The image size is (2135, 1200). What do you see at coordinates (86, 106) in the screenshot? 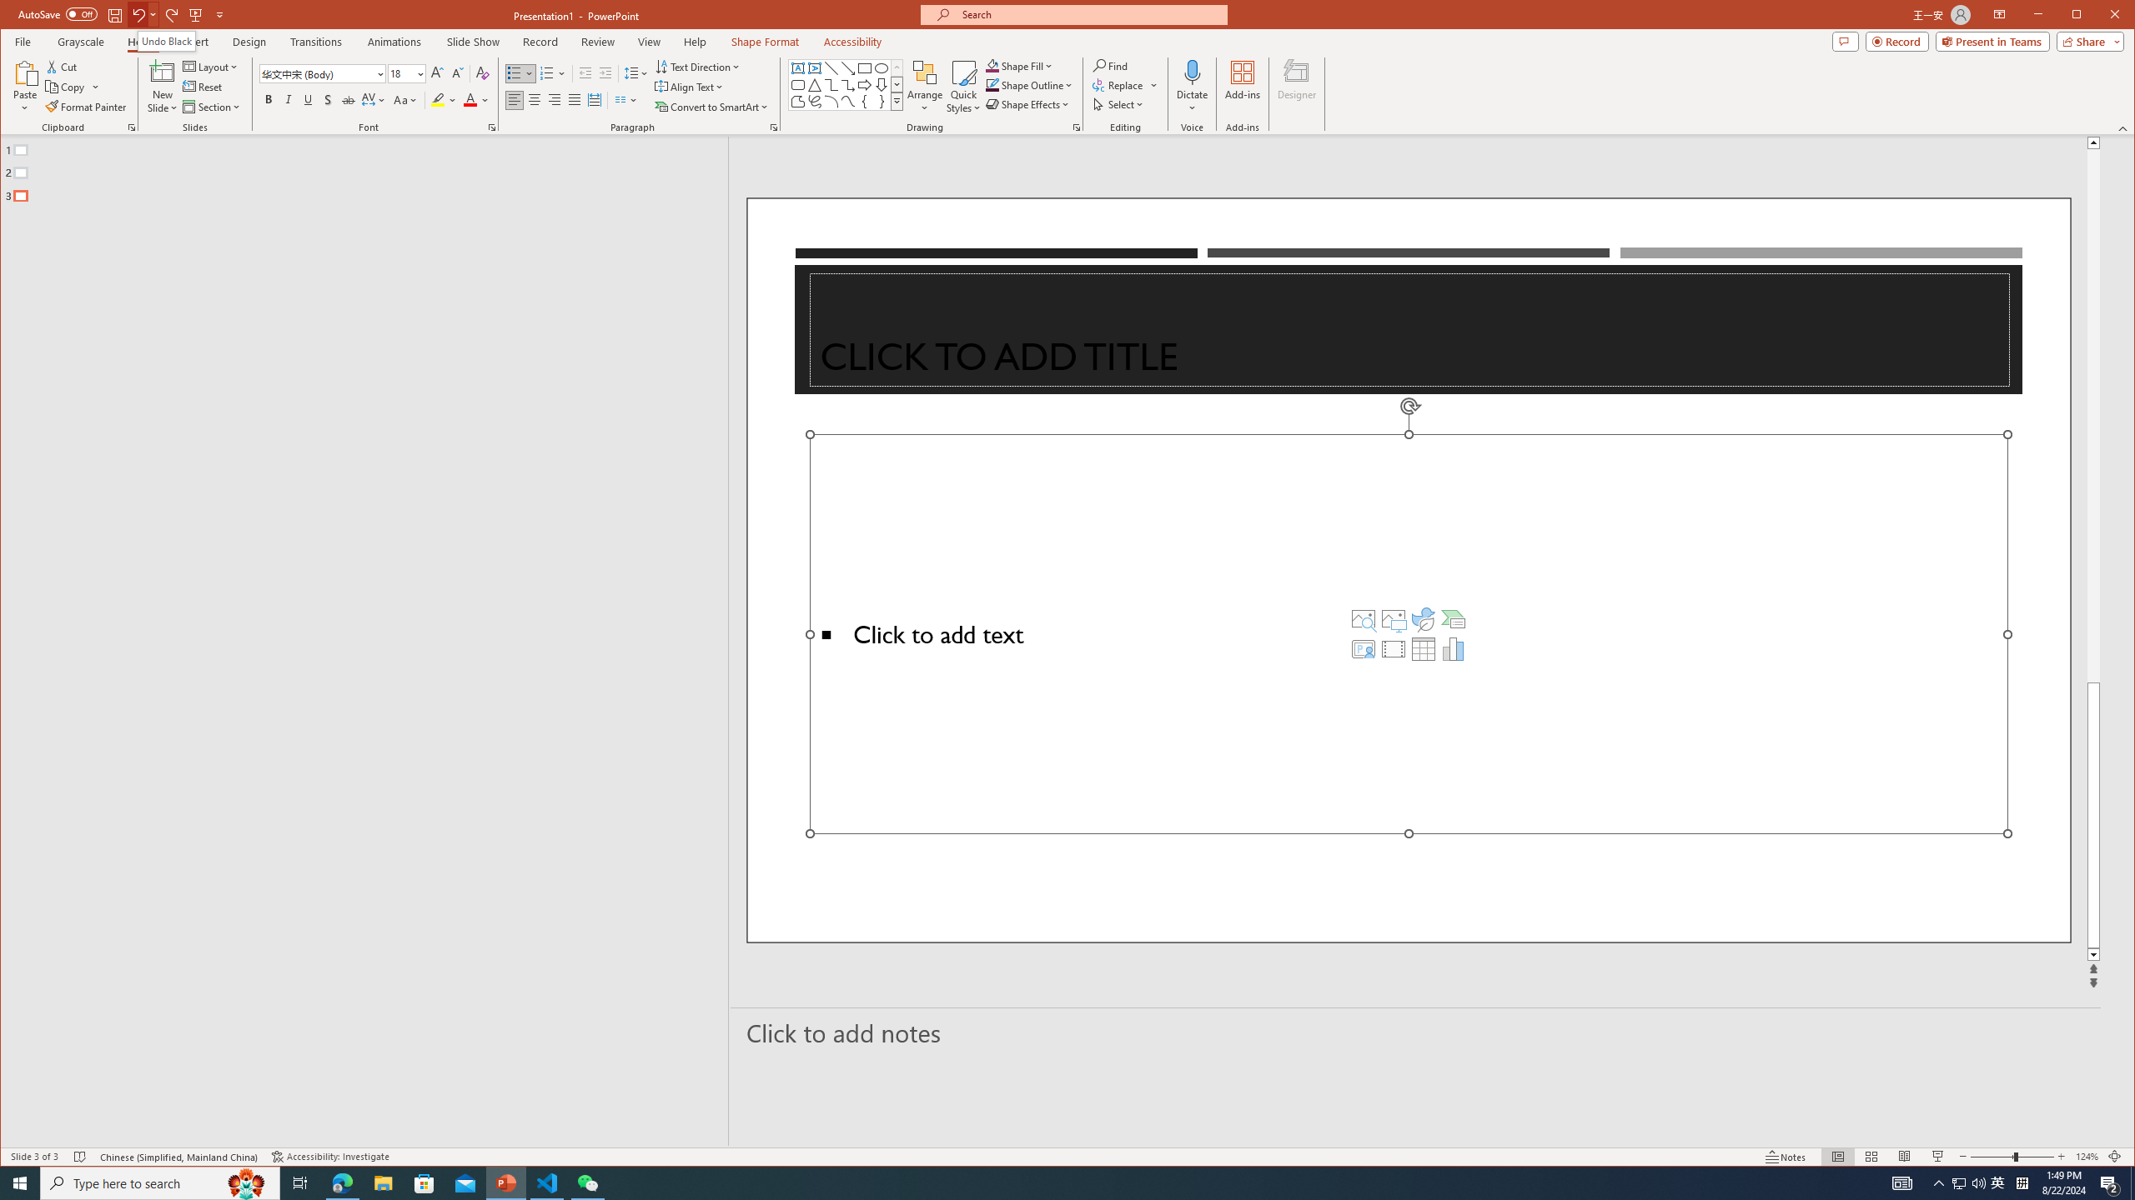
I see `'Format Painter'` at bounding box center [86, 106].